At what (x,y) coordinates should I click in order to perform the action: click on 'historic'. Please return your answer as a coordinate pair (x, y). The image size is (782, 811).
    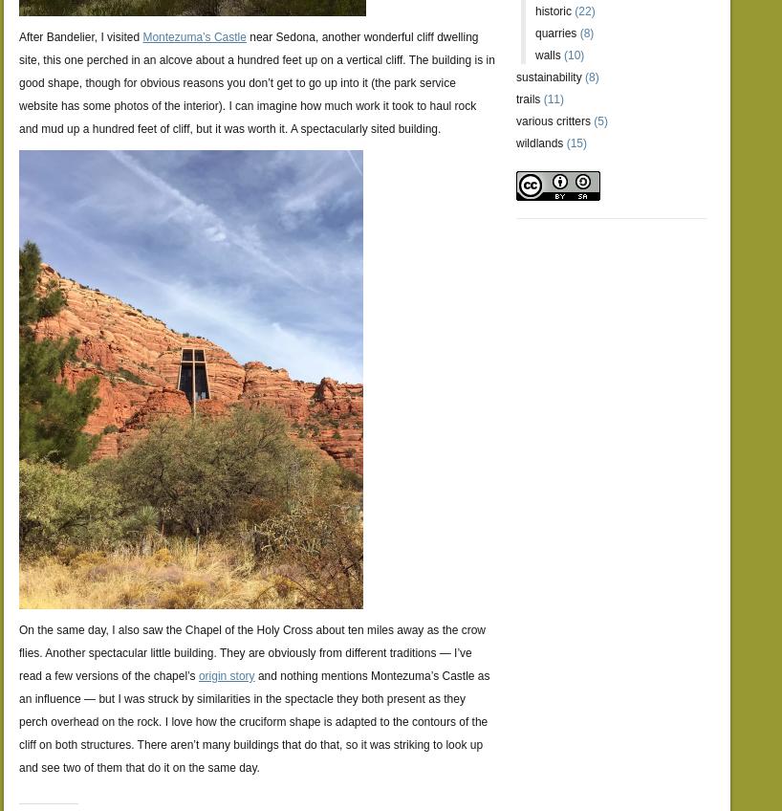
    Looking at the image, I should click on (552, 11).